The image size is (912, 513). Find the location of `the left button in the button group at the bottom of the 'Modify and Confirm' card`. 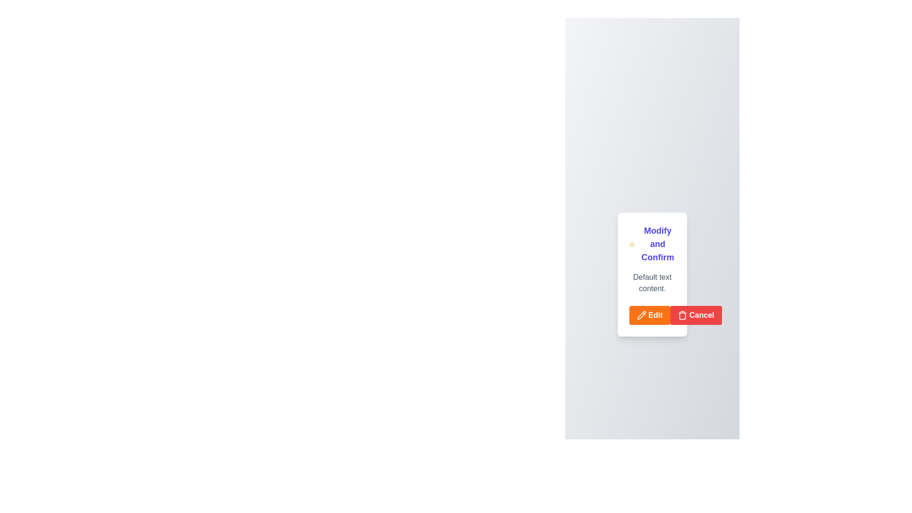

the left button in the button group at the bottom of the 'Modify and Confirm' card is located at coordinates (652, 315).